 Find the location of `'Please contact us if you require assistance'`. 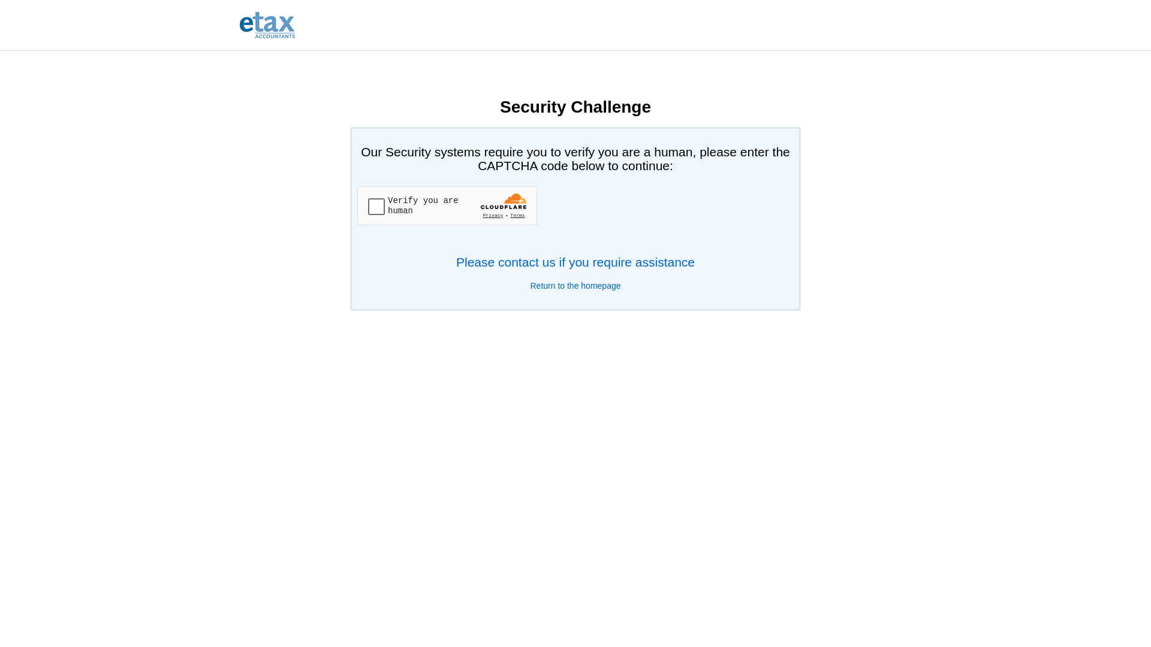

'Please contact us if you require assistance' is located at coordinates (575, 261).